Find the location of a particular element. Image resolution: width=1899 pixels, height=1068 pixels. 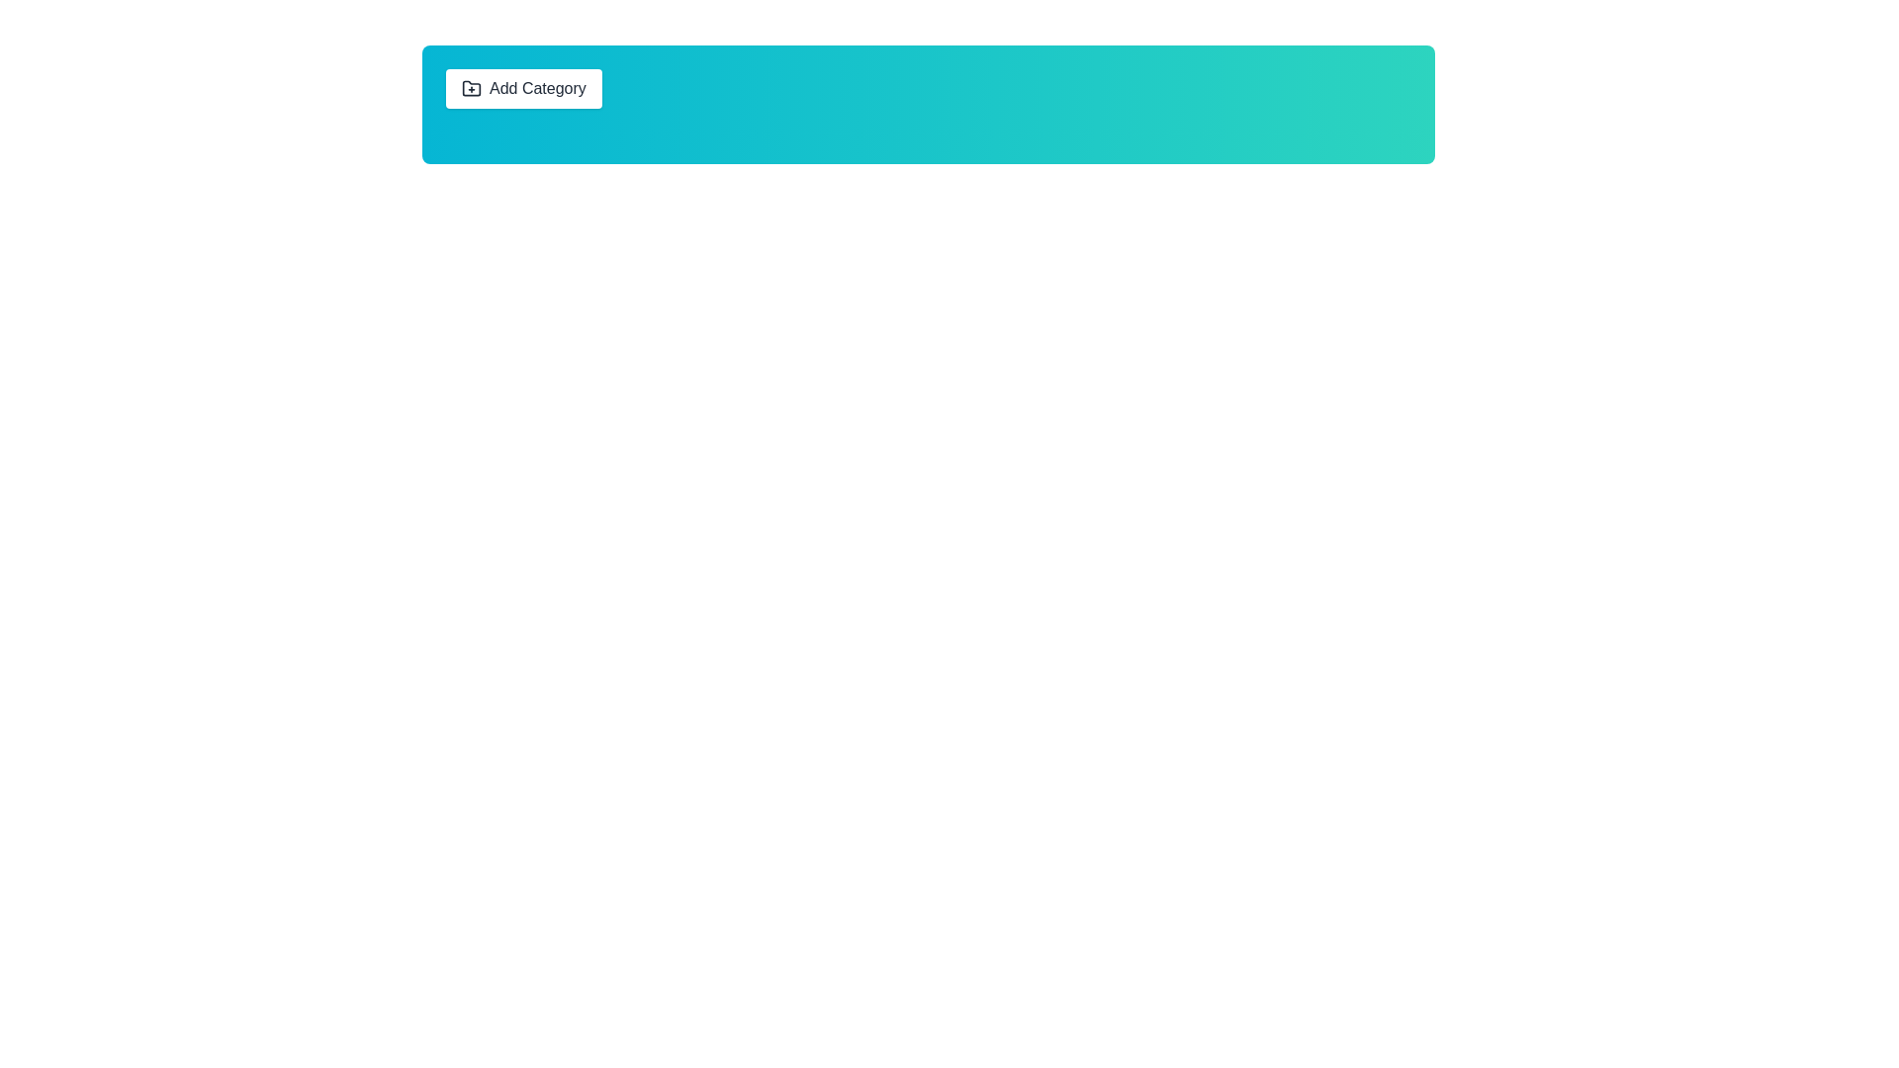

the folder-like icon with a '+' symbol located to the left of the 'Add Category' text is located at coordinates (470, 86).